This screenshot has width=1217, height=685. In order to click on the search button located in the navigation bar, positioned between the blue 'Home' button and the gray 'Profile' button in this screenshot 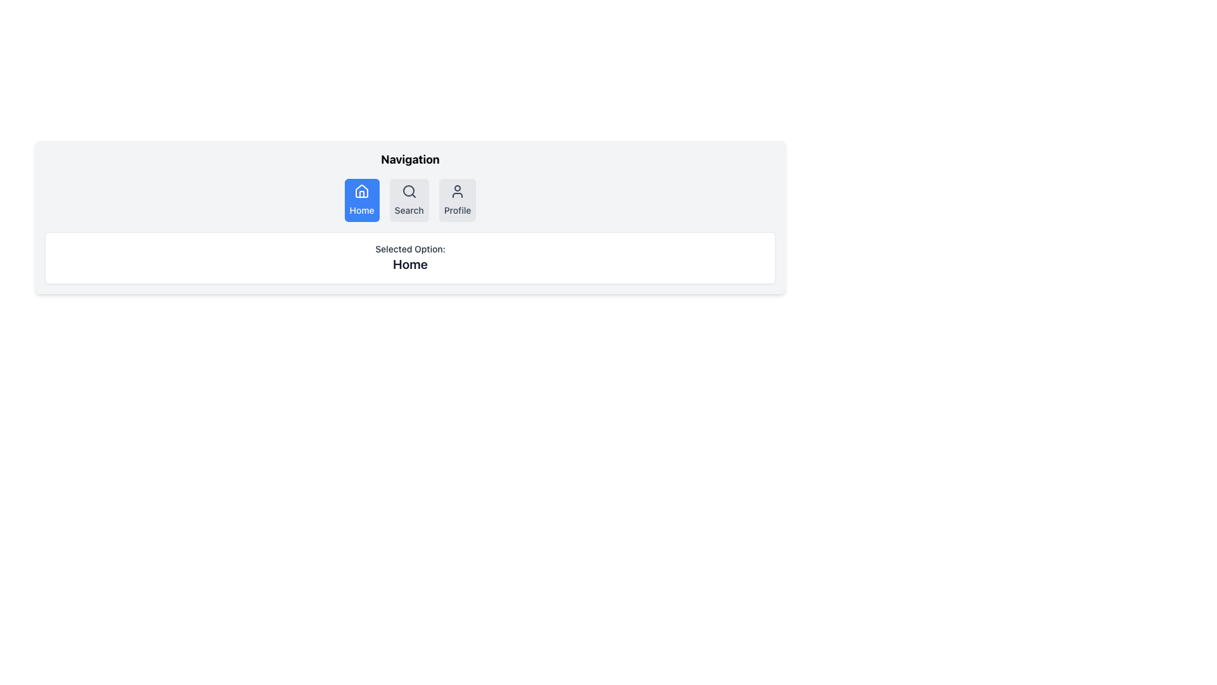, I will do `click(409, 200)`.